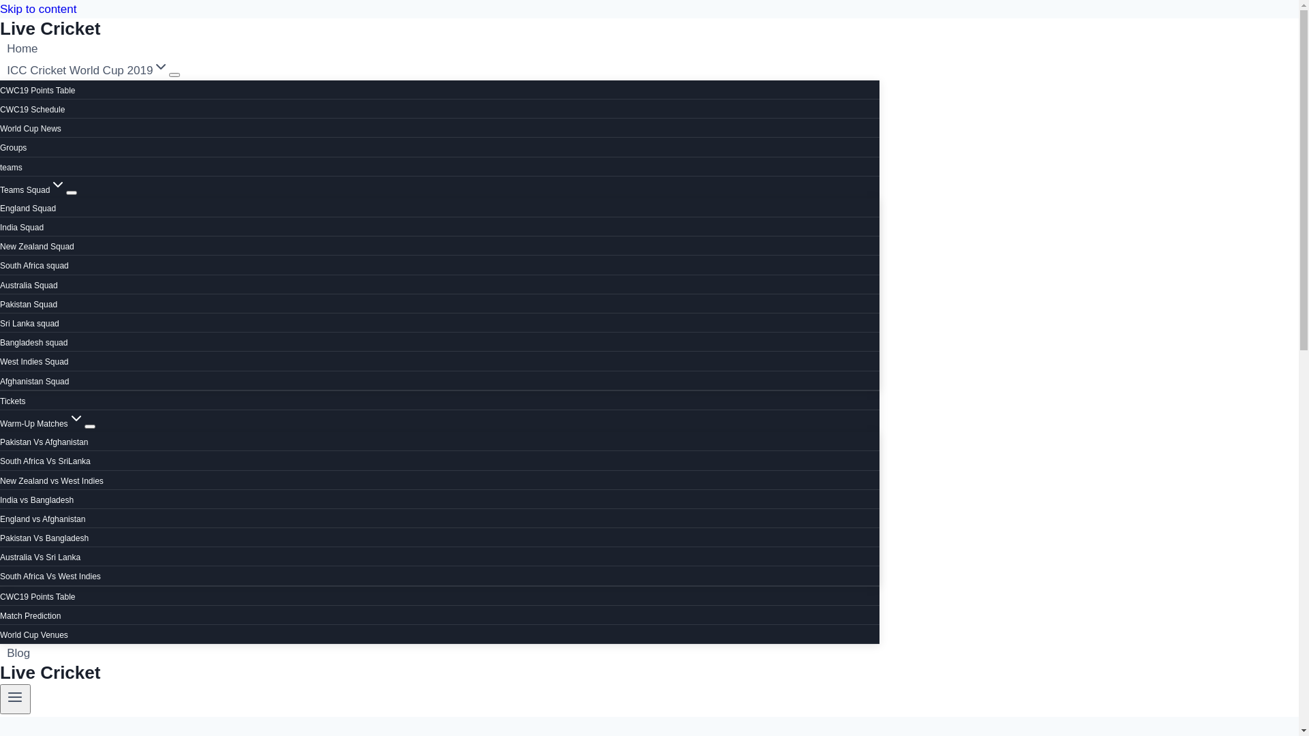  What do you see at coordinates (0, 423) in the screenshot?
I see `'Warm-Up MatchesExpand'` at bounding box center [0, 423].